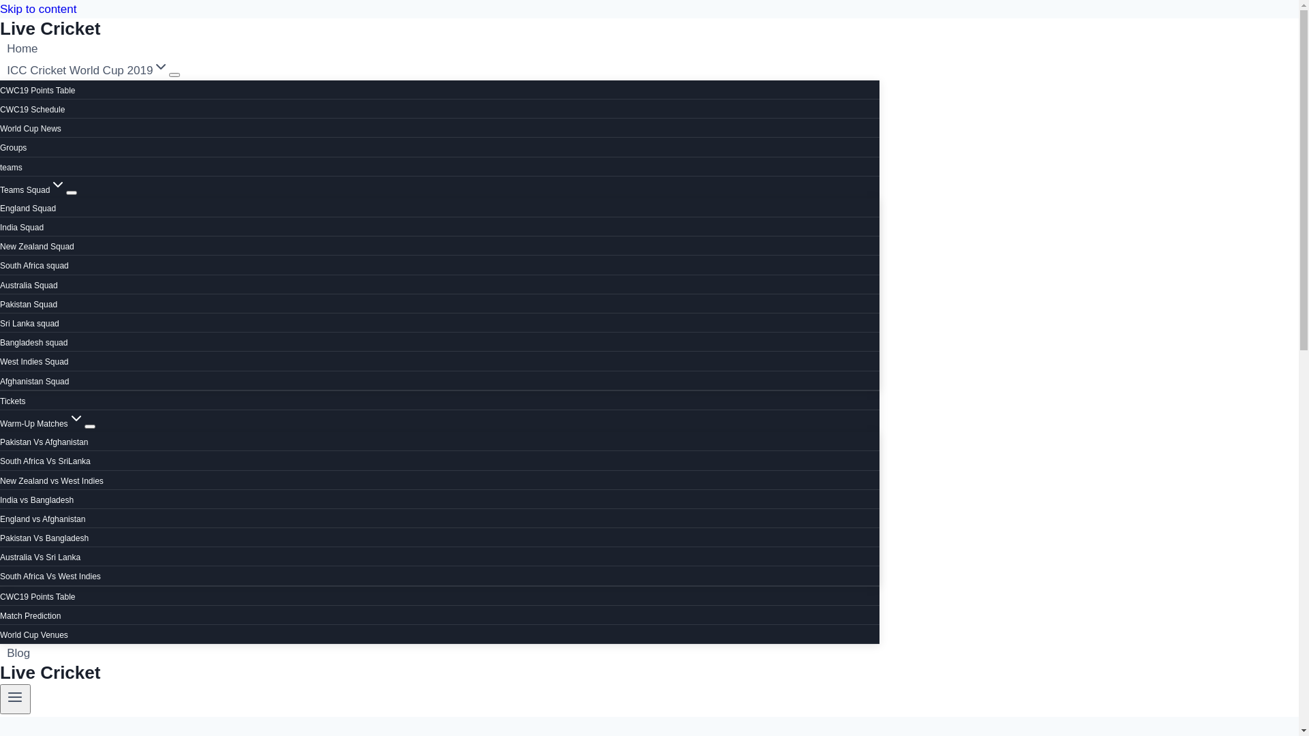  What do you see at coordinates (0, 423) in the screenshot?
I see `'Warm-Up MatchesExpand'` at bounding box center [0, 423].